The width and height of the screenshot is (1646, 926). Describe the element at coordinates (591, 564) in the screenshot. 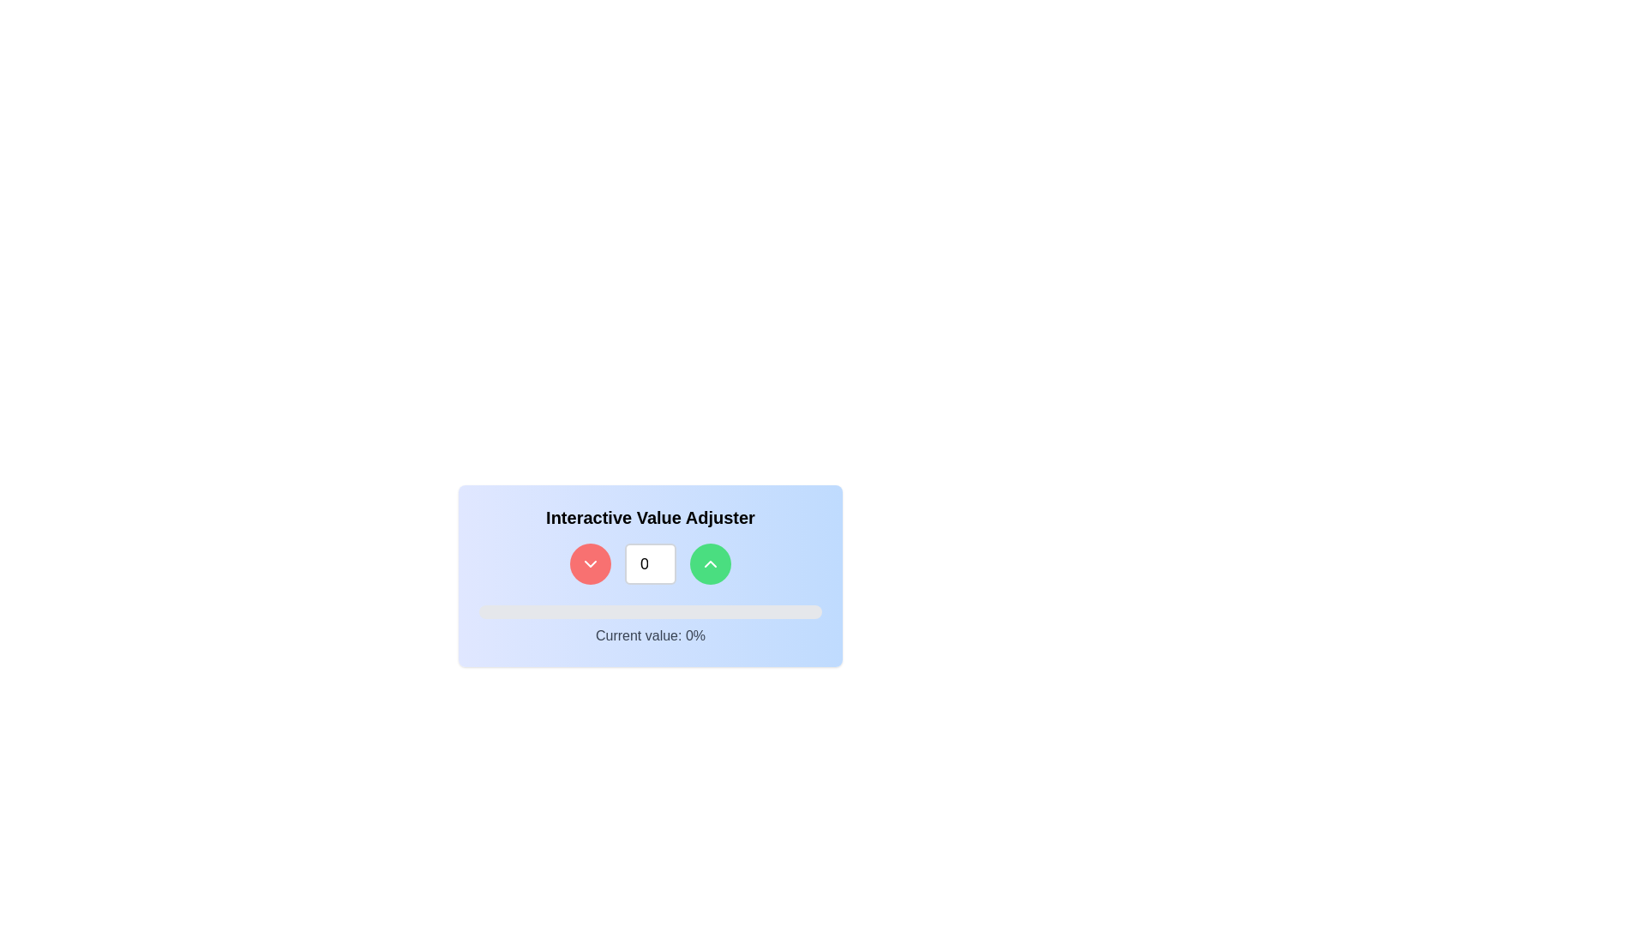

I see `the decrement button located to the left of the number input box to decrease the visible value` at that location.